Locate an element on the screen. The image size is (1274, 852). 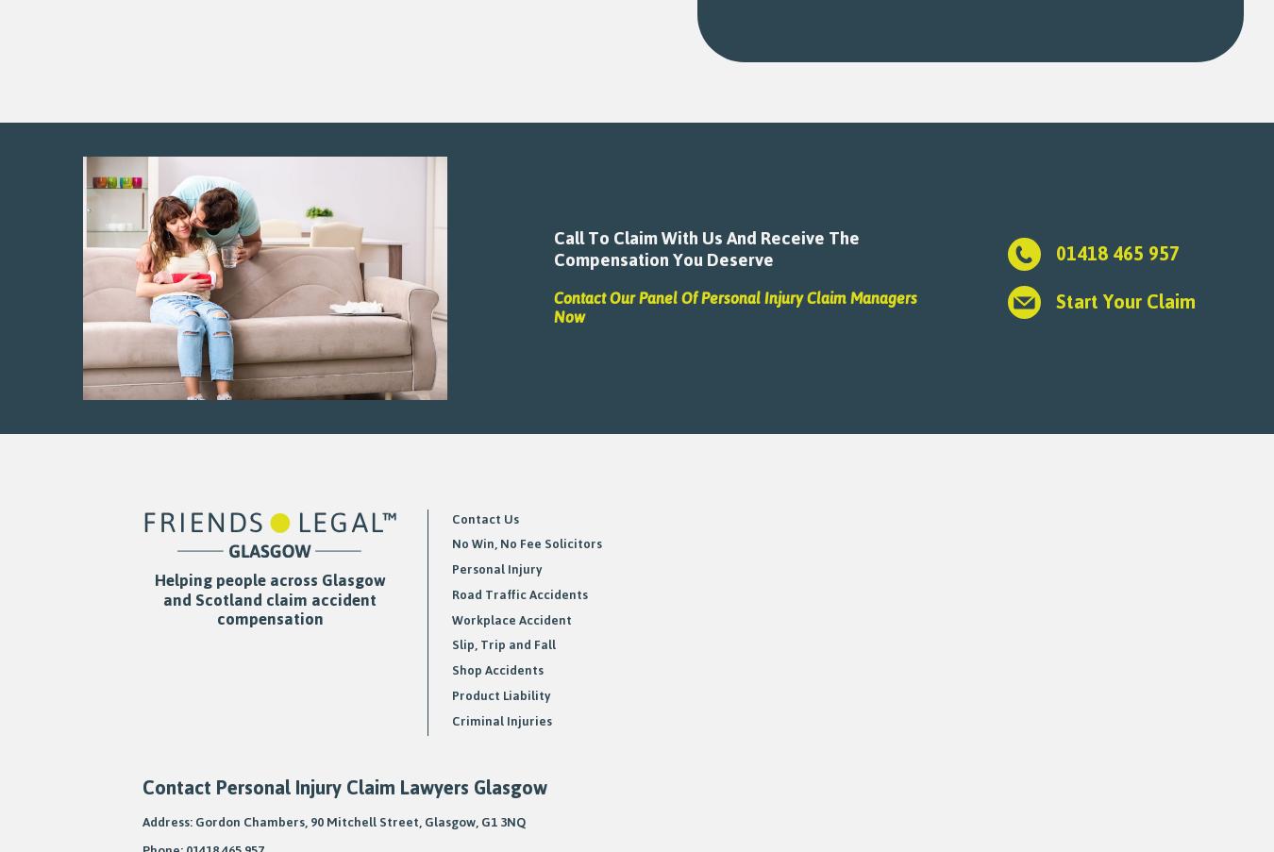
'G1 3NQ' is located at coordinates (502, 821).